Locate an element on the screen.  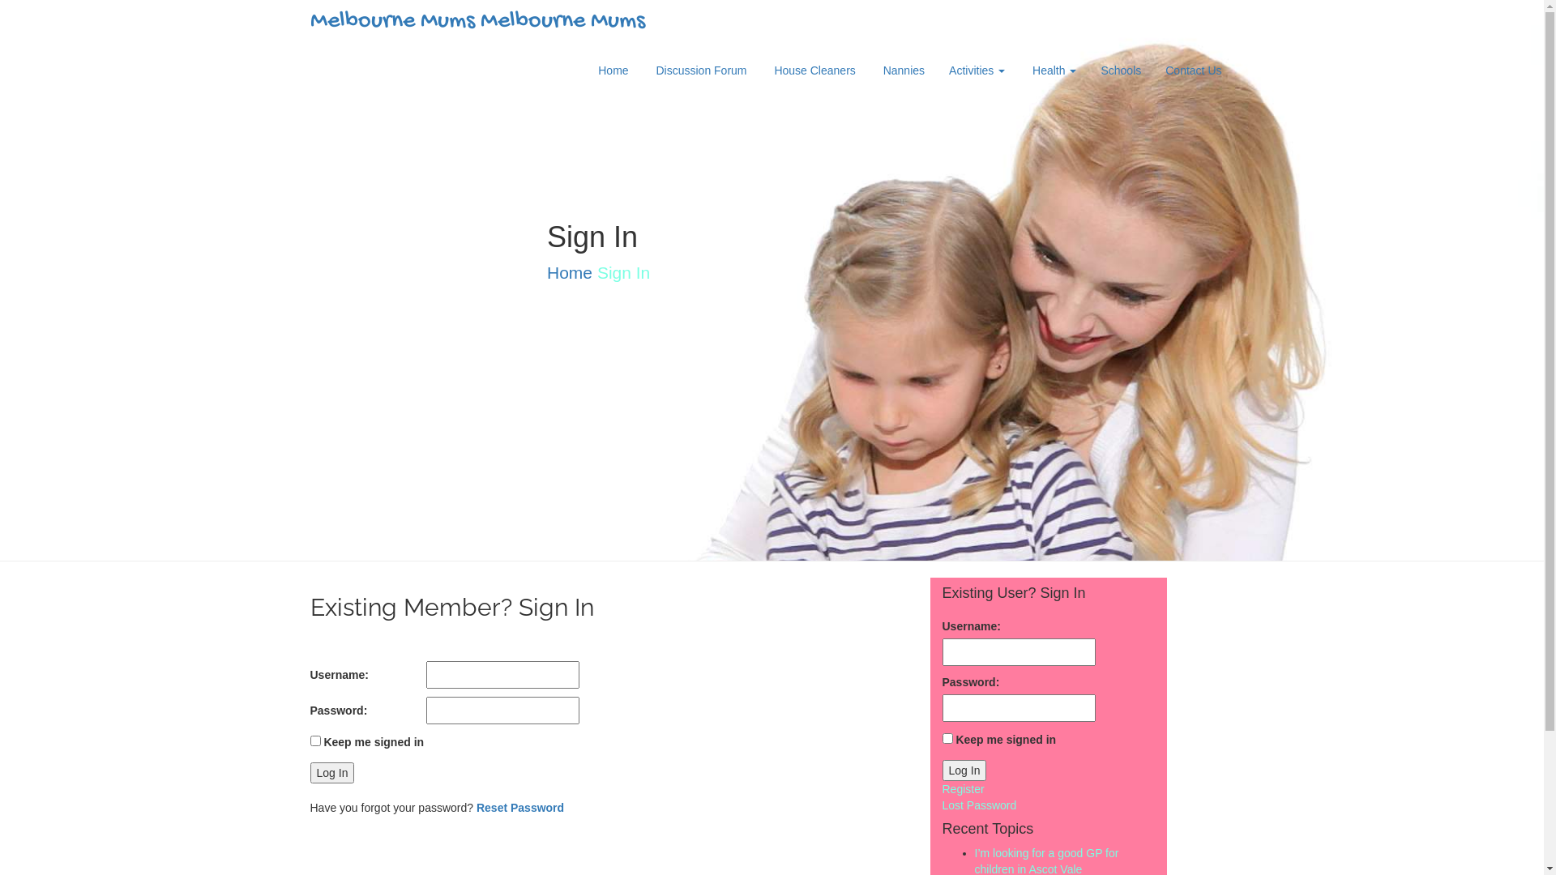
'Contact Us' is located at coordinates (1193, 70).